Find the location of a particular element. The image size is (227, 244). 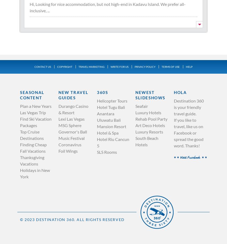

'Contact Us' is located at coordinates (42, 66).